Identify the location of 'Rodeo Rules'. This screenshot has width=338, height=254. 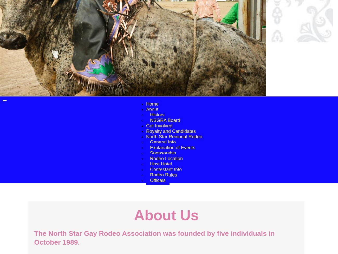
(163, 175).